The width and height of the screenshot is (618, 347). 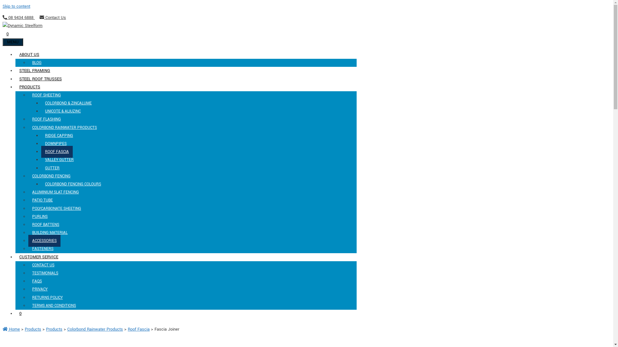 I want to click on '08 9434 6888', so click(x=21, y=17).